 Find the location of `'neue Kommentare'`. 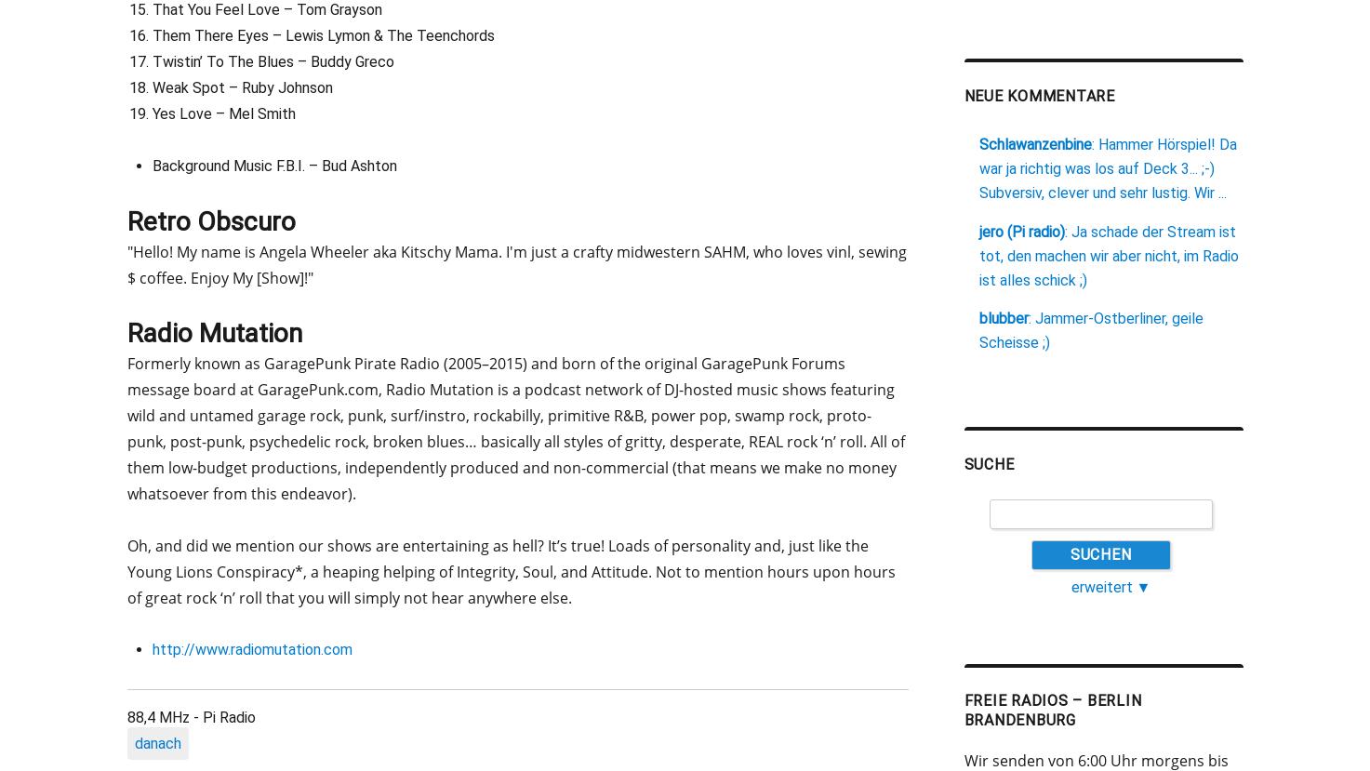

'neue Kommentare' is located at coordinates (1038, 96).